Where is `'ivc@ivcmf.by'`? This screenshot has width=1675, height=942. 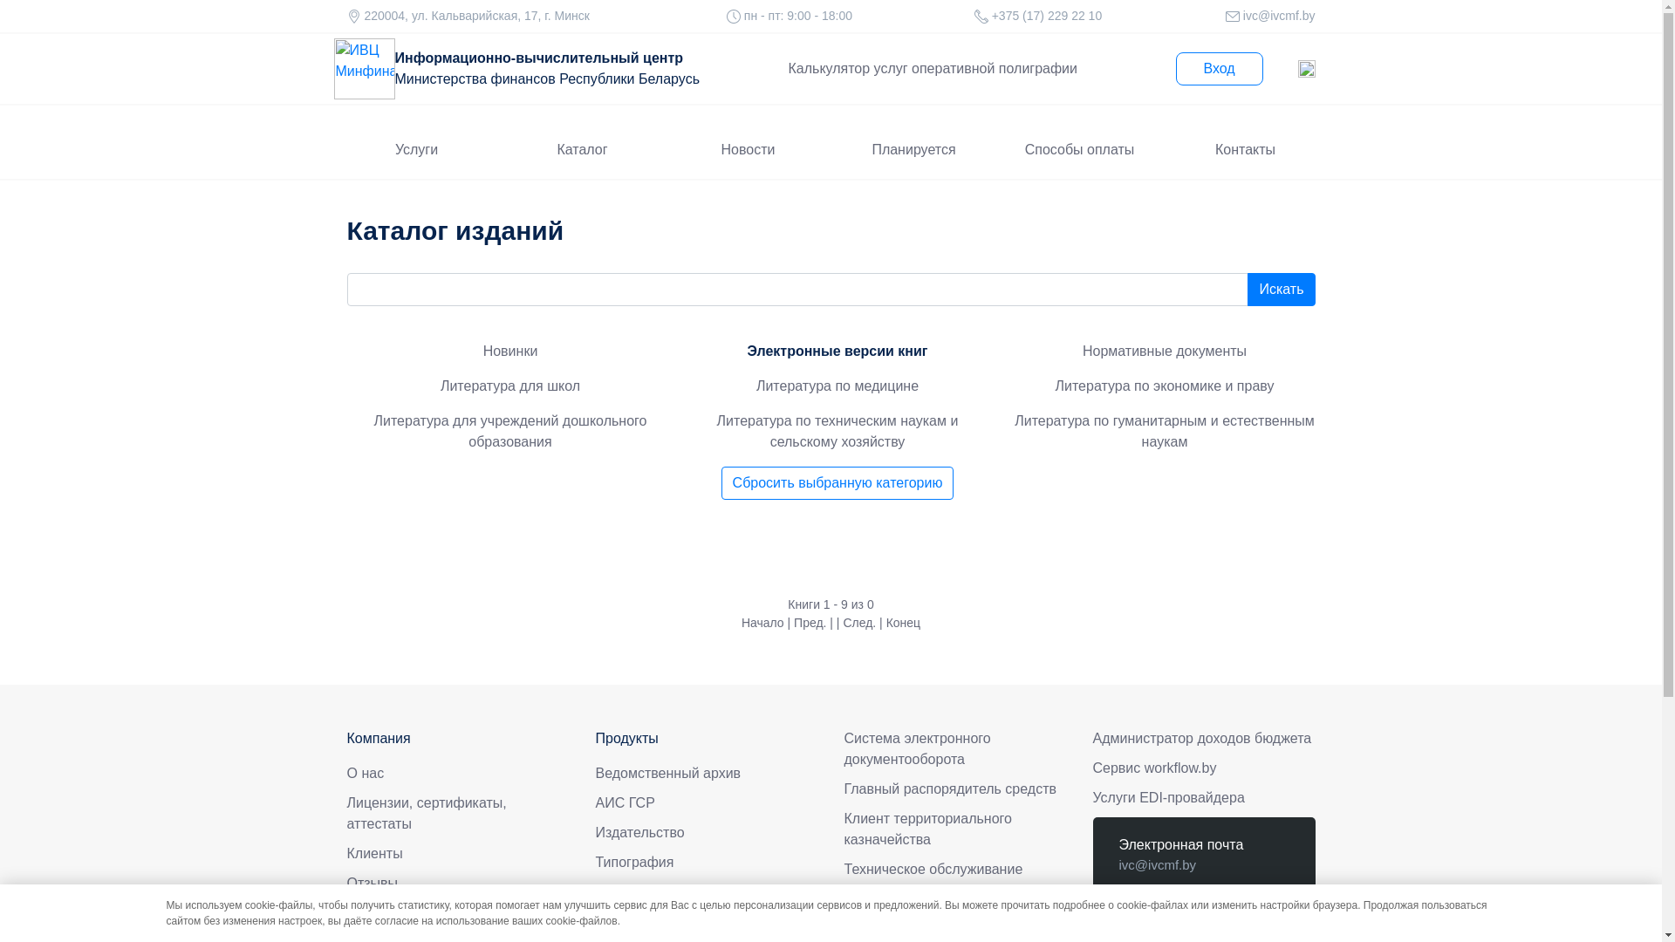
'ivc@ivcmf.by' is located at coordinates (1157, 864).